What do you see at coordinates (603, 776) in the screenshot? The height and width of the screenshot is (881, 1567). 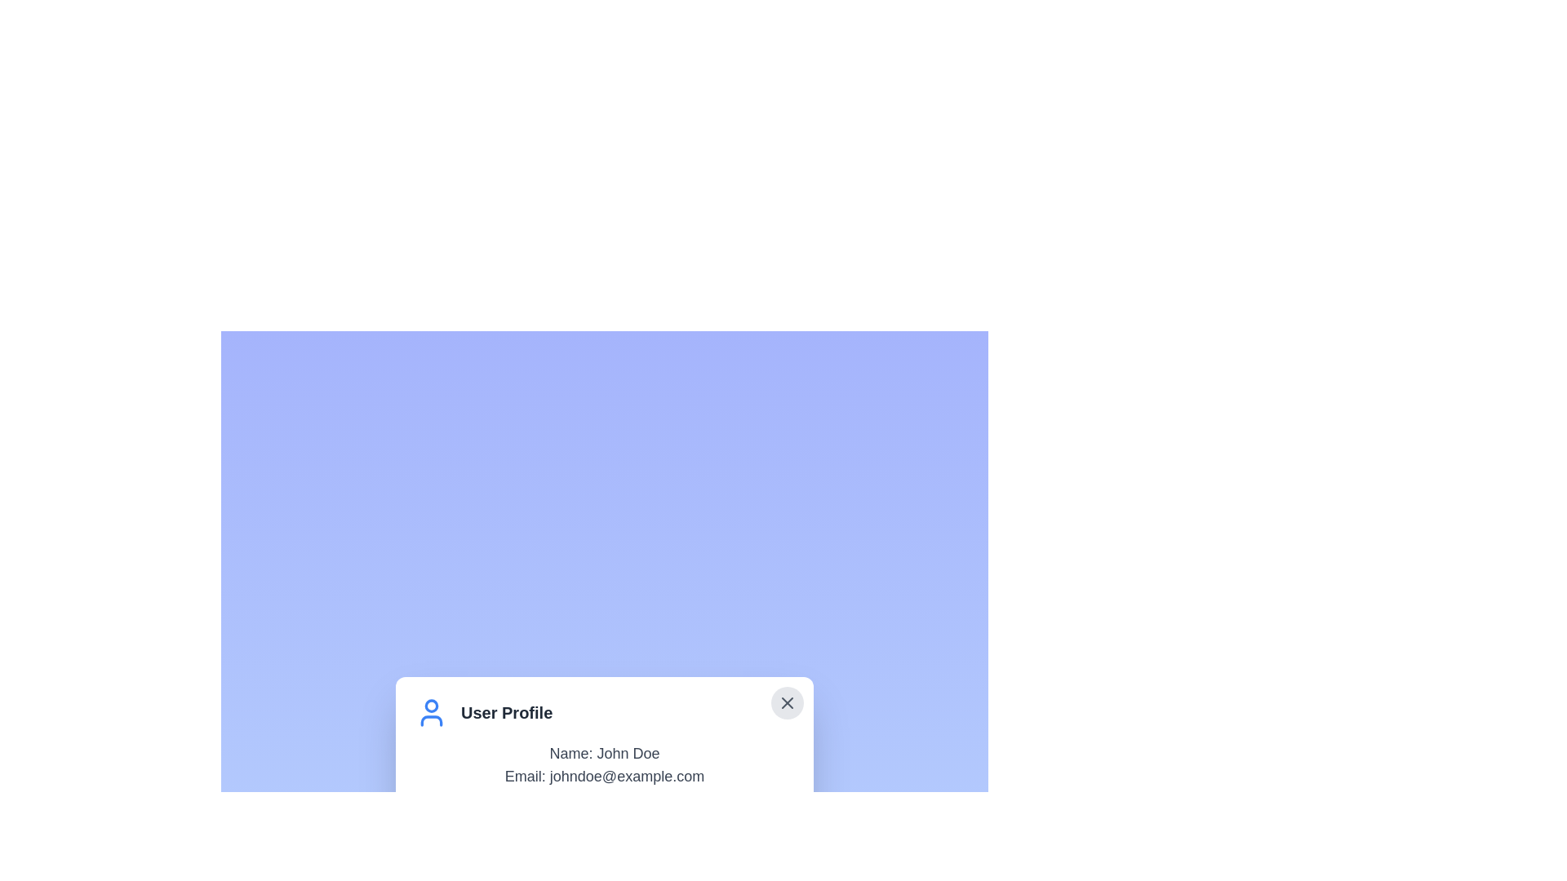 I see `the text displaying the email address associated with the user profile, located below 'Name: John Doe' in the 'User Profile' pop-up window` at bounding box center [603, 776].